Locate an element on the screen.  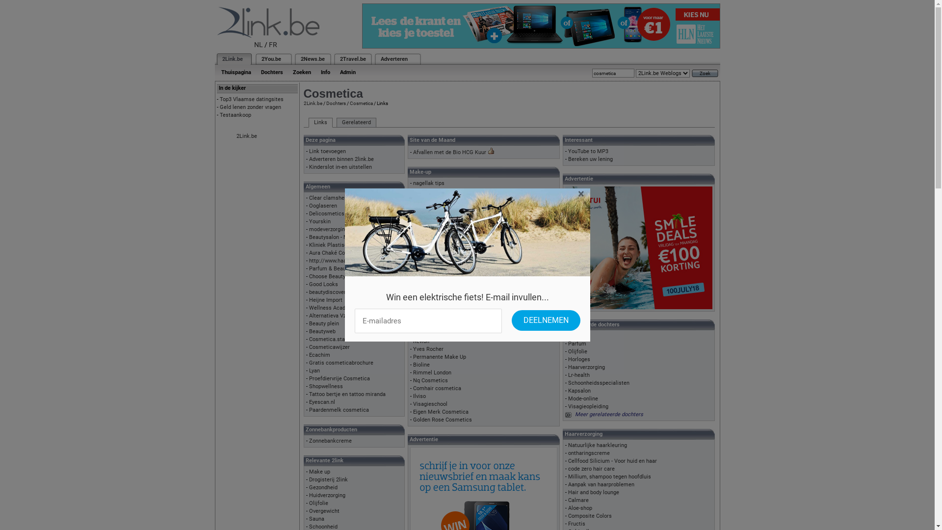
'Rimmel London' is located at coordinates (413, 372).